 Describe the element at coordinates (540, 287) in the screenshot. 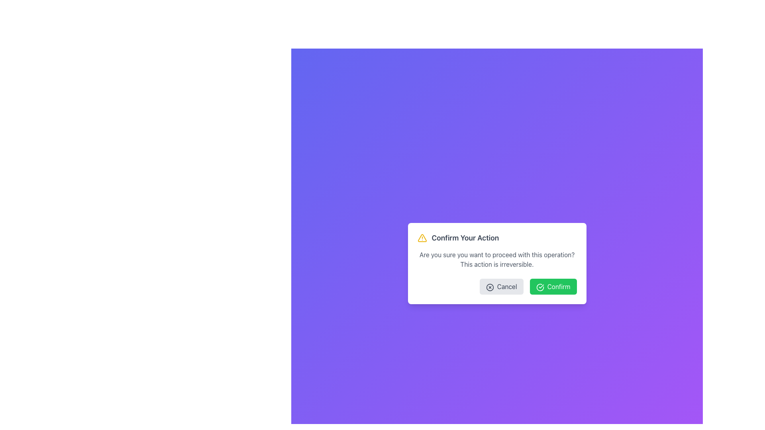

I see `the SVG icon representing a circle with a checkmark inside it, which is part of the green button labeled 'Confirm' located in the bottom-right corner of the modal` at that location.